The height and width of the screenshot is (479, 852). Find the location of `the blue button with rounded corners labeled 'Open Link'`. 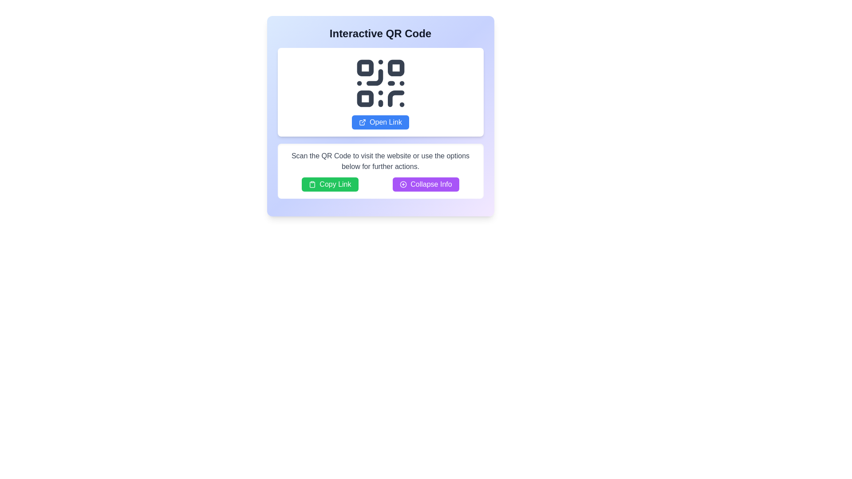

the blue button with rounded corners labeled 'Open Link' is located at coordinates (380, 122).